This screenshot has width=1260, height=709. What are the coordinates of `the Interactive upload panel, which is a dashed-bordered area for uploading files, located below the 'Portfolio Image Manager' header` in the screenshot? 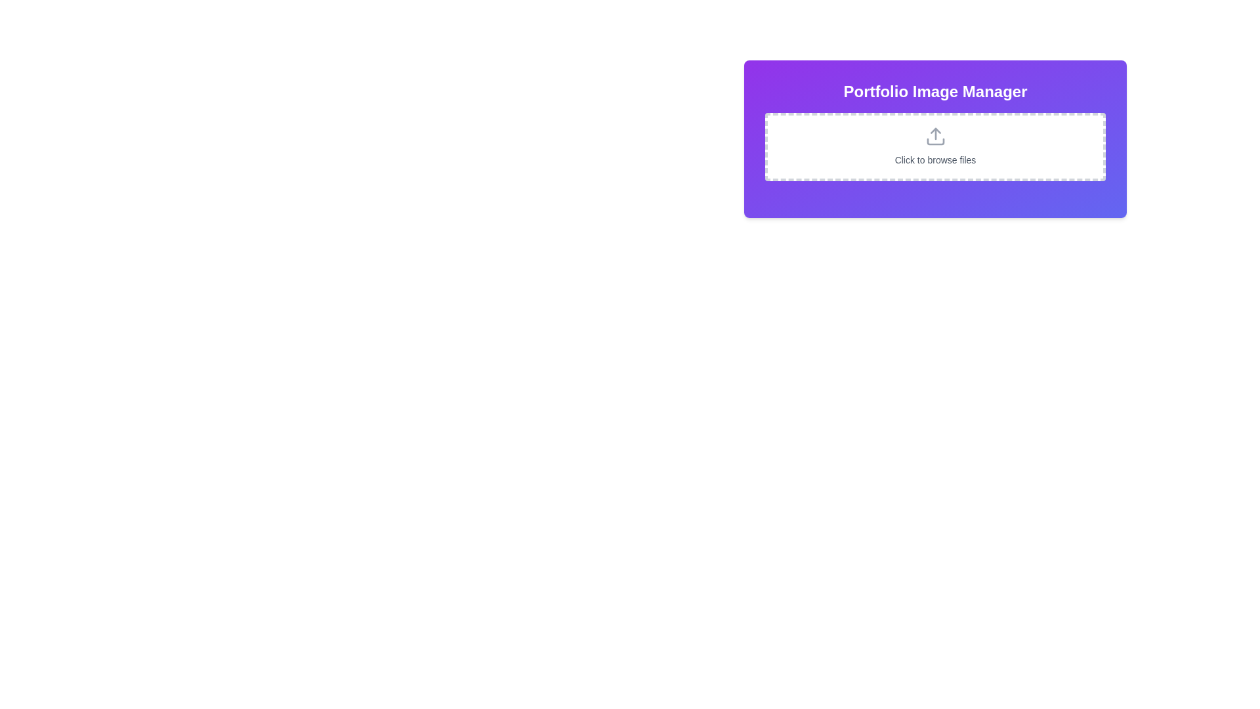 It's located at (934, 139).